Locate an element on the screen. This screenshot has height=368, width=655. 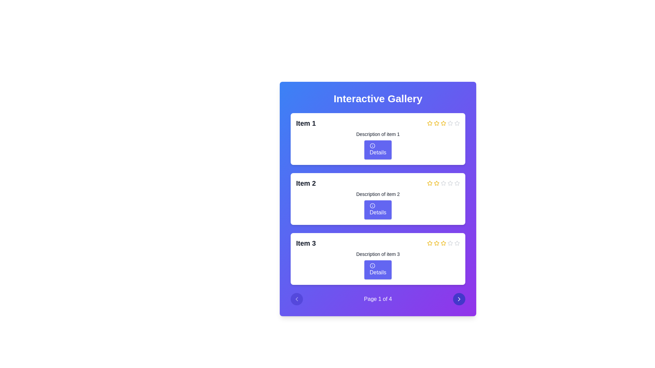
the fifth star icon from the left in the rating system, which is unfilled and light gray, to potentially rate or select it is located at coordinates (450, 183).